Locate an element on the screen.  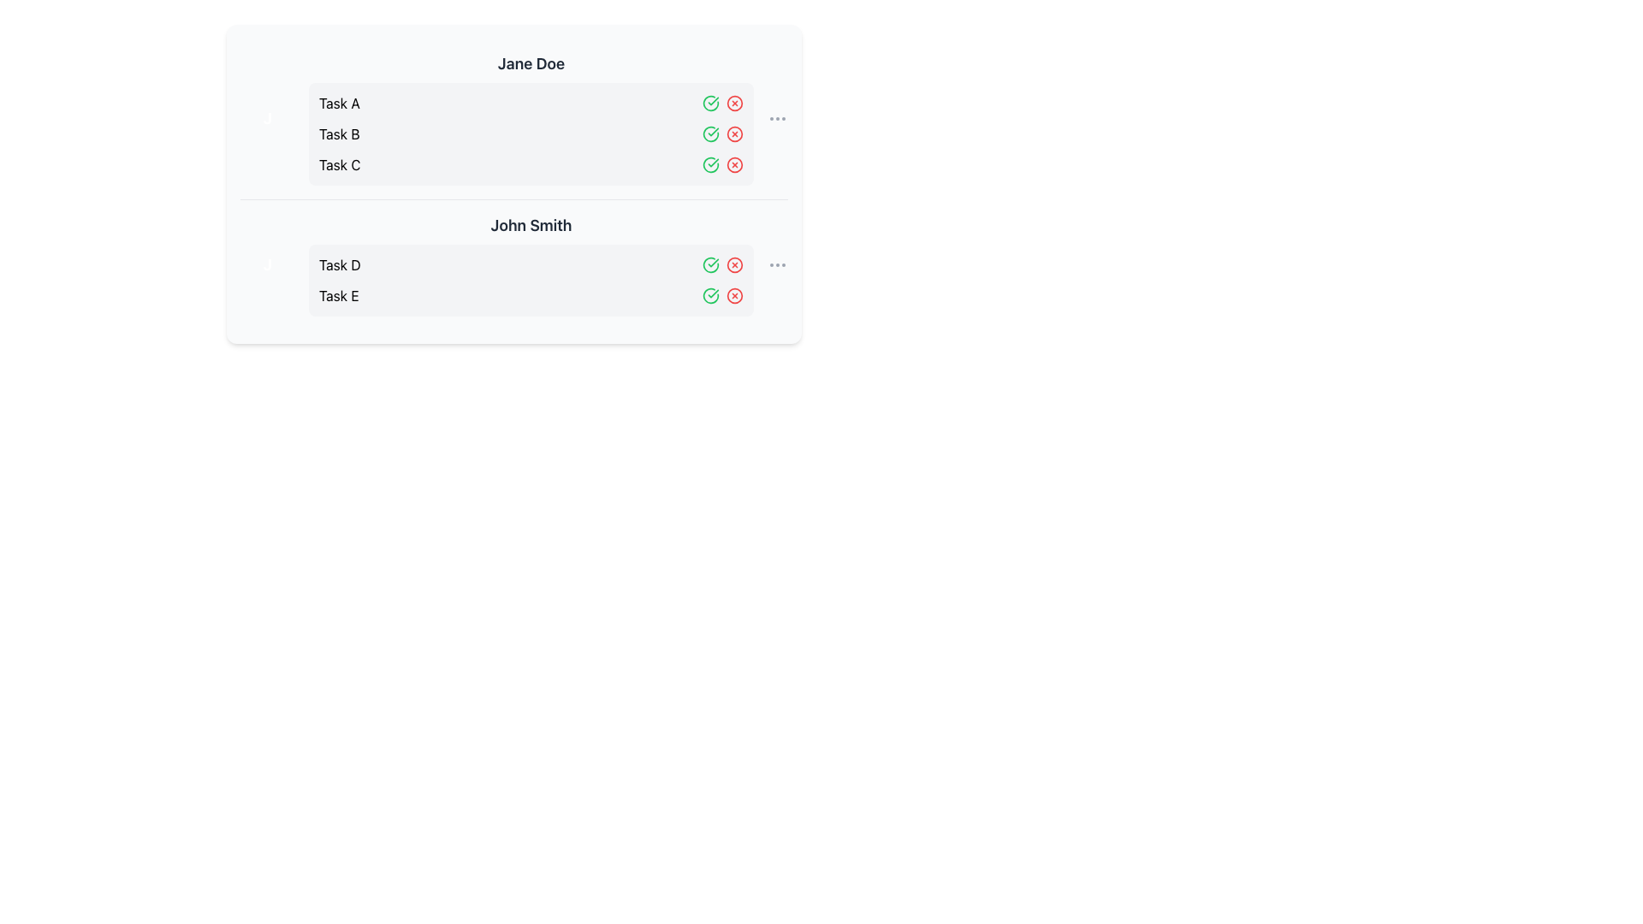
the Button Group containing a green checkmark and a red cross located in the right section of the 'Task C' row is located at coordinates (722, 164).